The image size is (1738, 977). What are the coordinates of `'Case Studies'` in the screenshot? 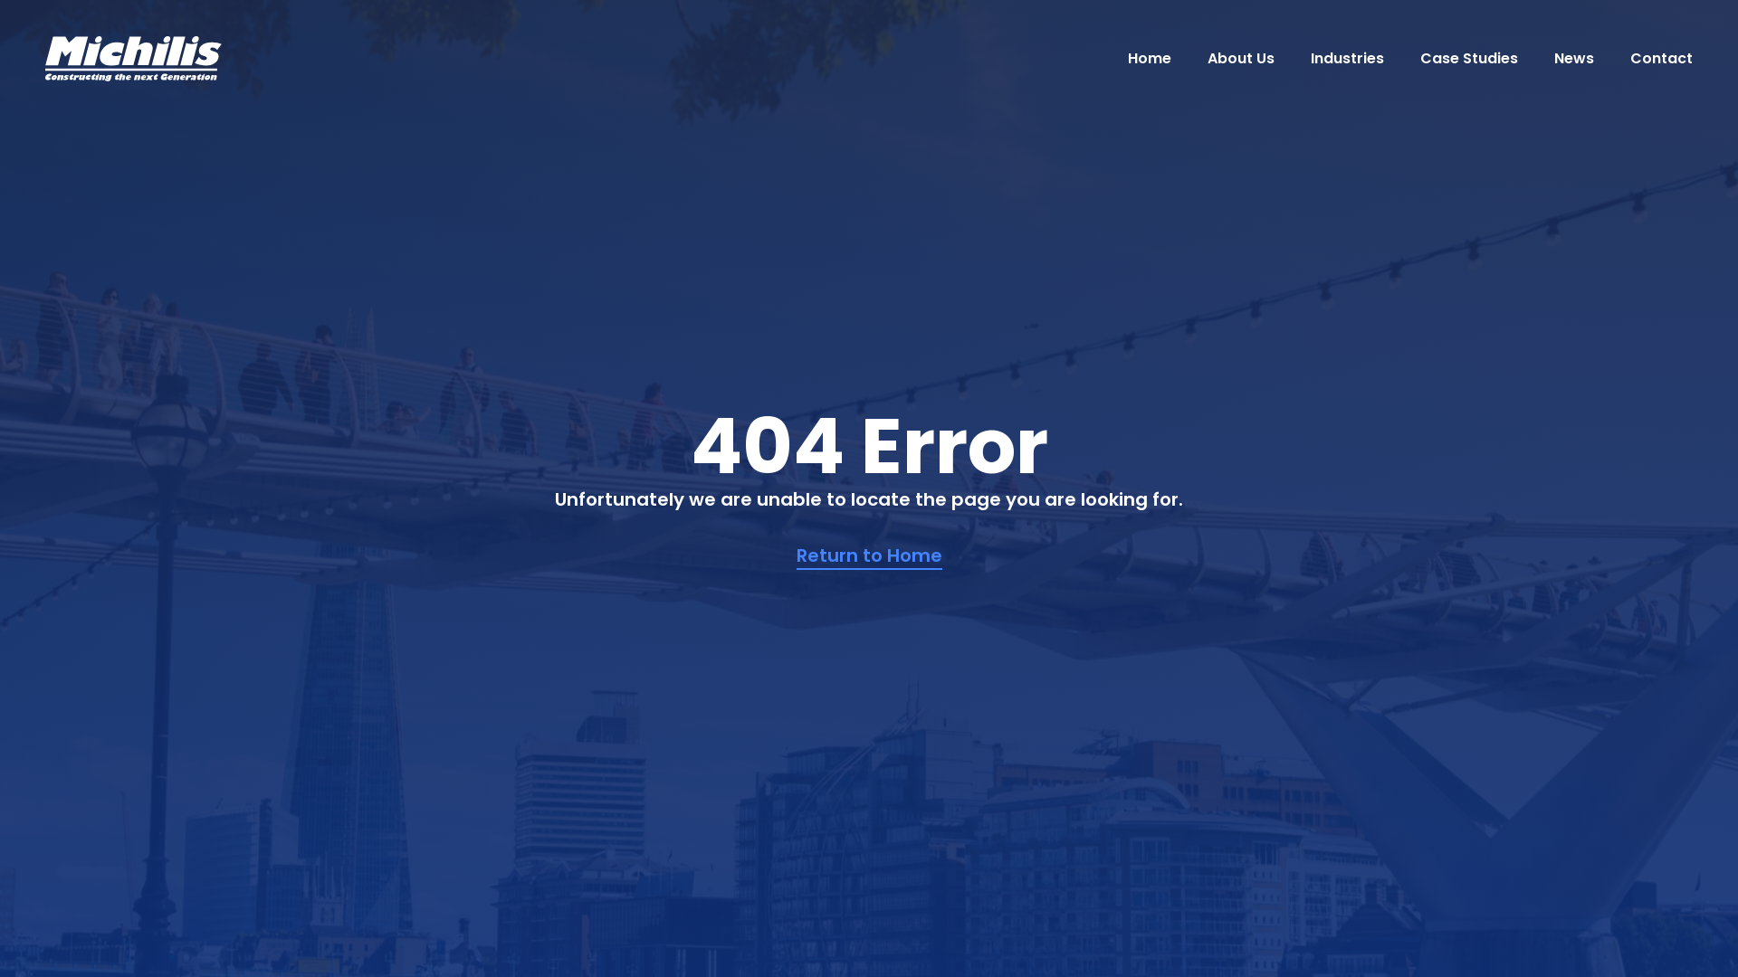 It's located at (1468, 57).